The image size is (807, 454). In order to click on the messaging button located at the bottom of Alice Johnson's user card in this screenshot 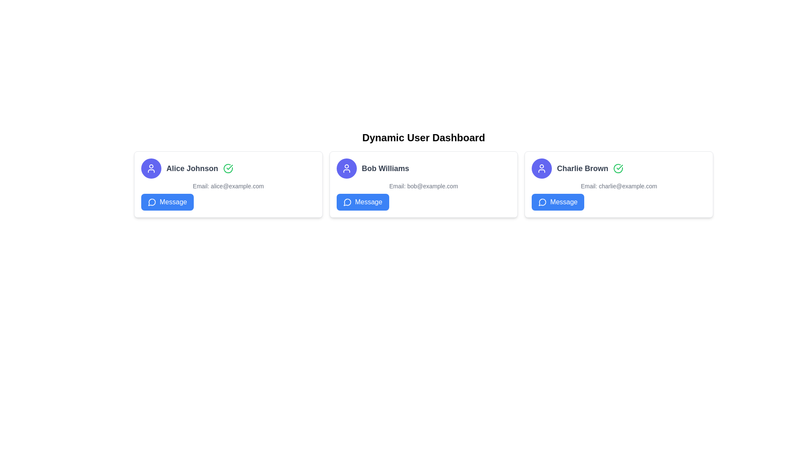, I will do `click(167, 202)`.